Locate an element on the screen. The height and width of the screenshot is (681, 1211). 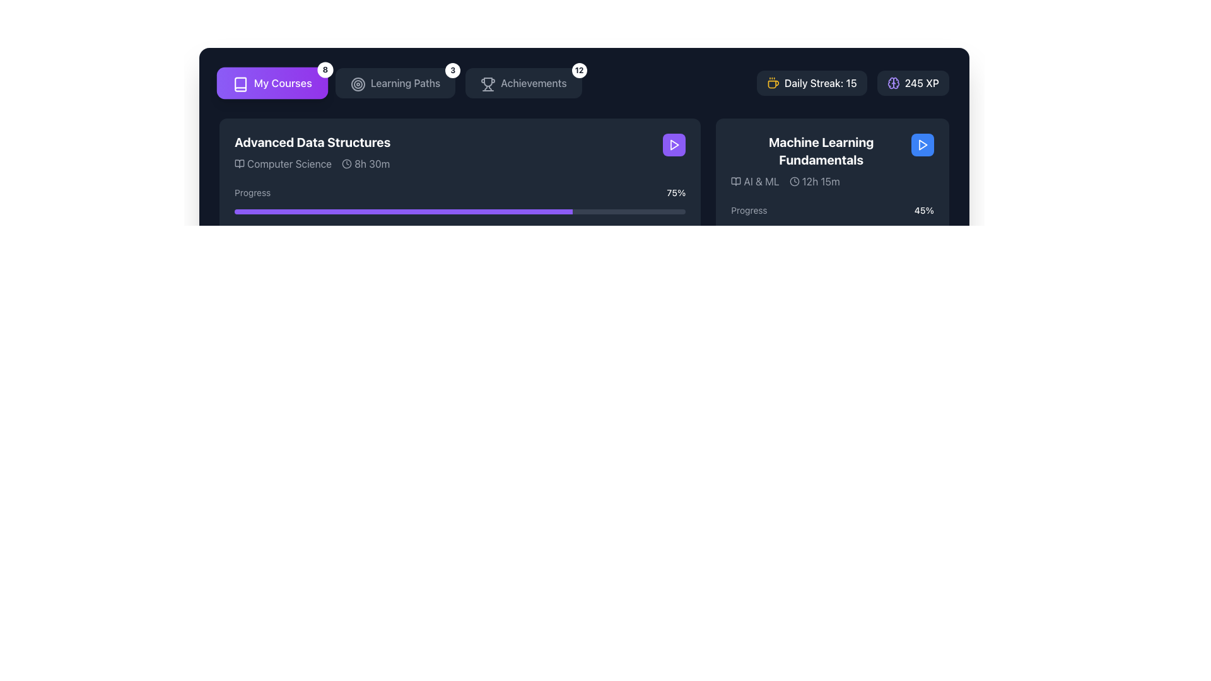
the trophy icon located within the 'Achievements' navigation button at the top bar section is located at coordinates (486, 83).